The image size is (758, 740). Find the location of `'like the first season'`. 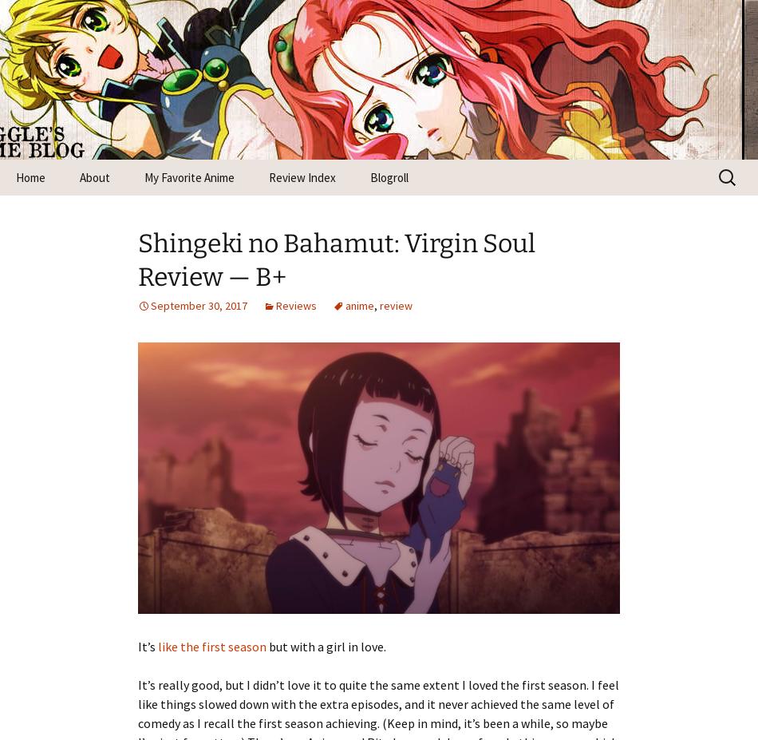

'like the first season' is located at coordinates (211, 645).